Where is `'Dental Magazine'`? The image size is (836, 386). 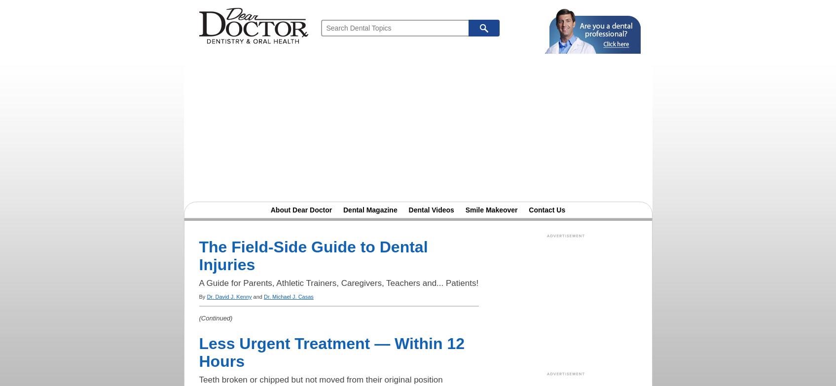
'Dental Magazine' is located at coordinates (369, 210).